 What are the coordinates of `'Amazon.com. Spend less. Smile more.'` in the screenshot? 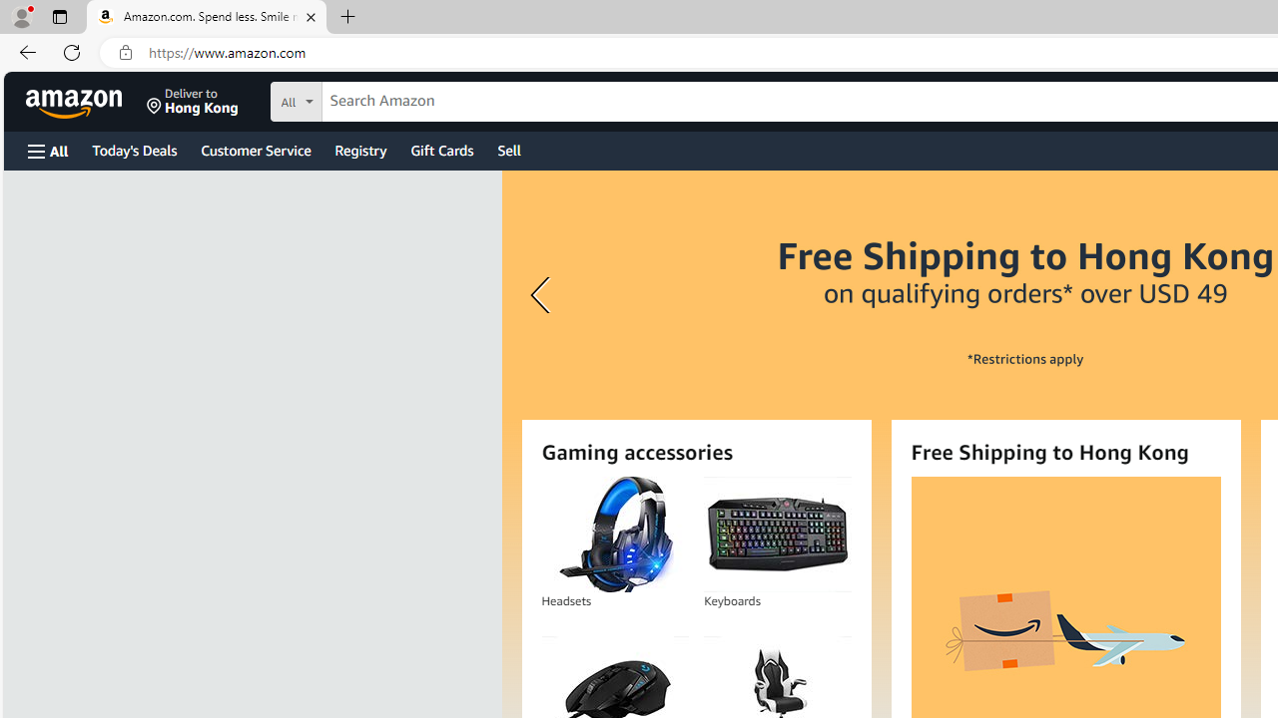 It's located at (207, 17).